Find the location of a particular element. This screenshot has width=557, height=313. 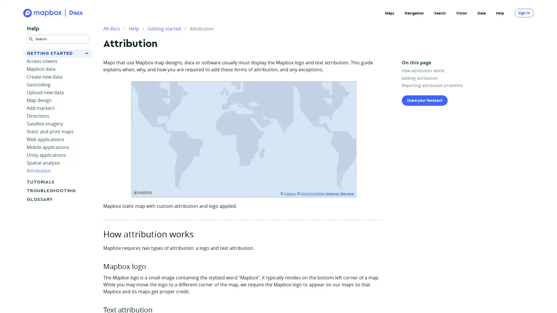

Toggle Getting started menu is located at coordinates (86, 53).